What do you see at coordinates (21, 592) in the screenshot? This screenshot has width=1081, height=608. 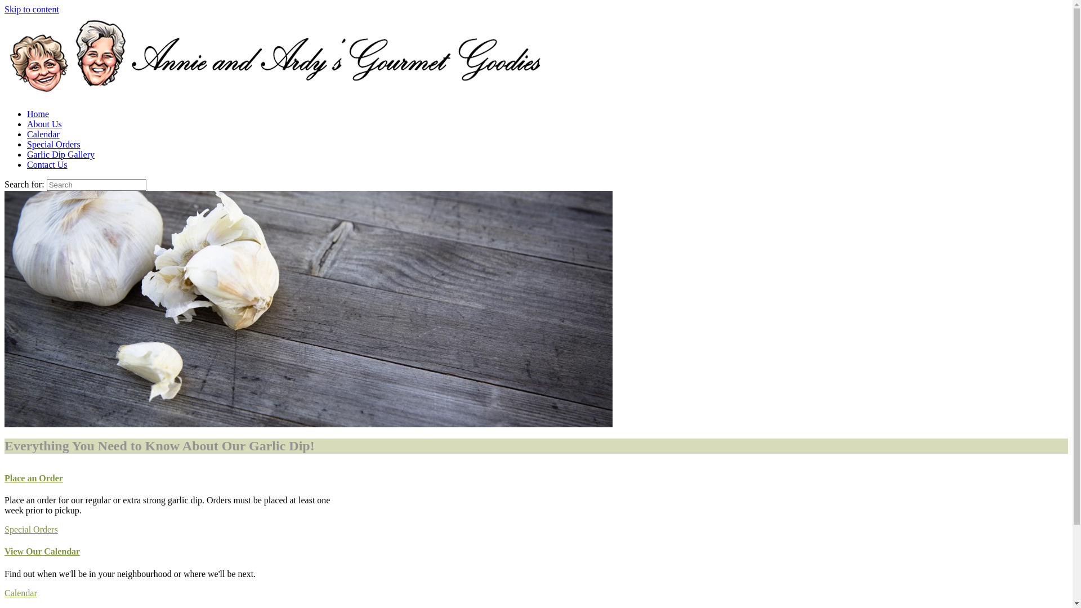 I see `'Calendar'` at bounding box center [21, 592].